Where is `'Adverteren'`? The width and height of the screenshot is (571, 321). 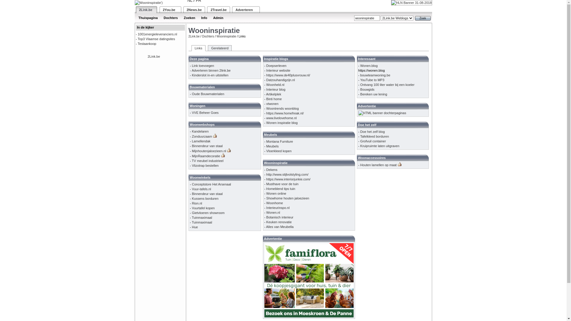 'Adverteren' is located at coordinates (244, 10).